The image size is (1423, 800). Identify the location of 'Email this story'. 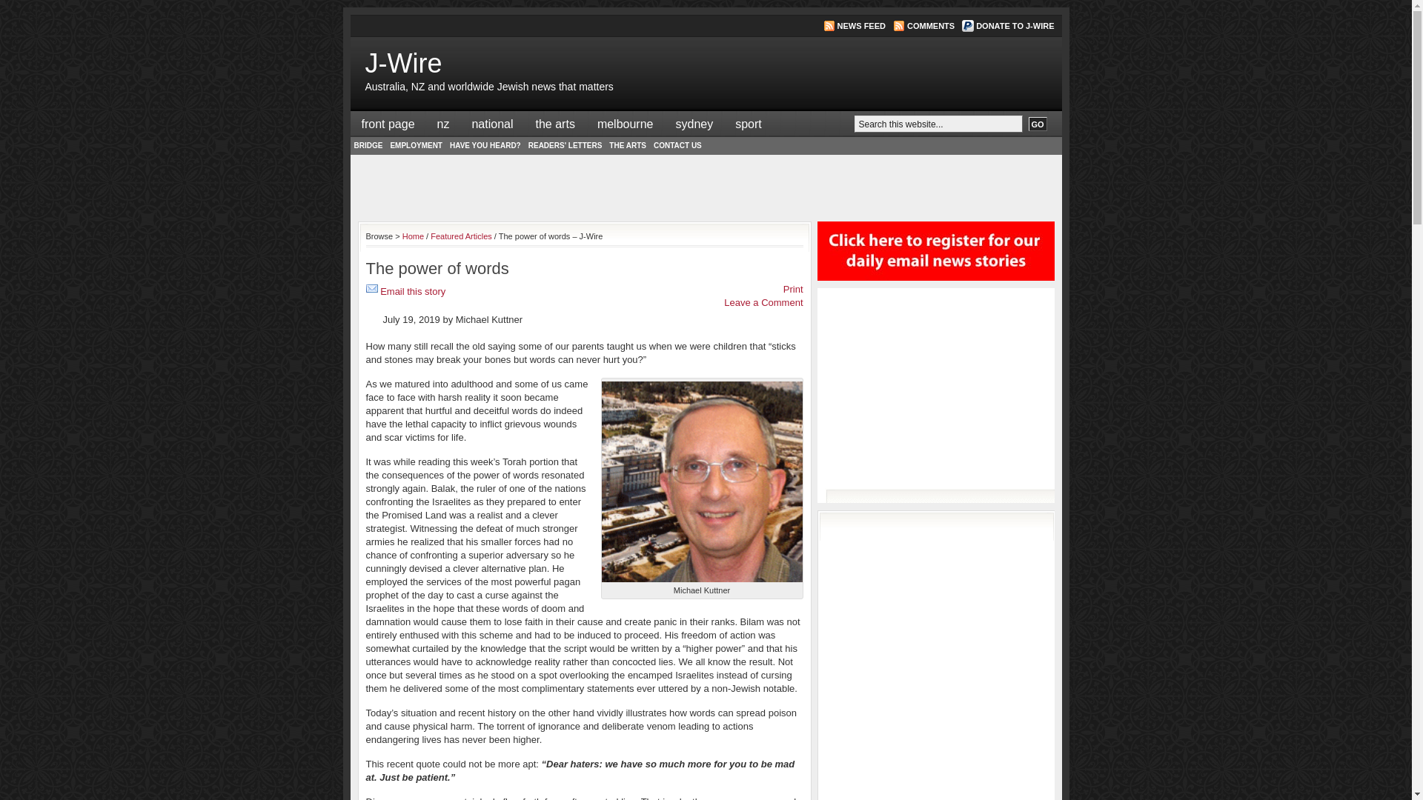
(372, 291).